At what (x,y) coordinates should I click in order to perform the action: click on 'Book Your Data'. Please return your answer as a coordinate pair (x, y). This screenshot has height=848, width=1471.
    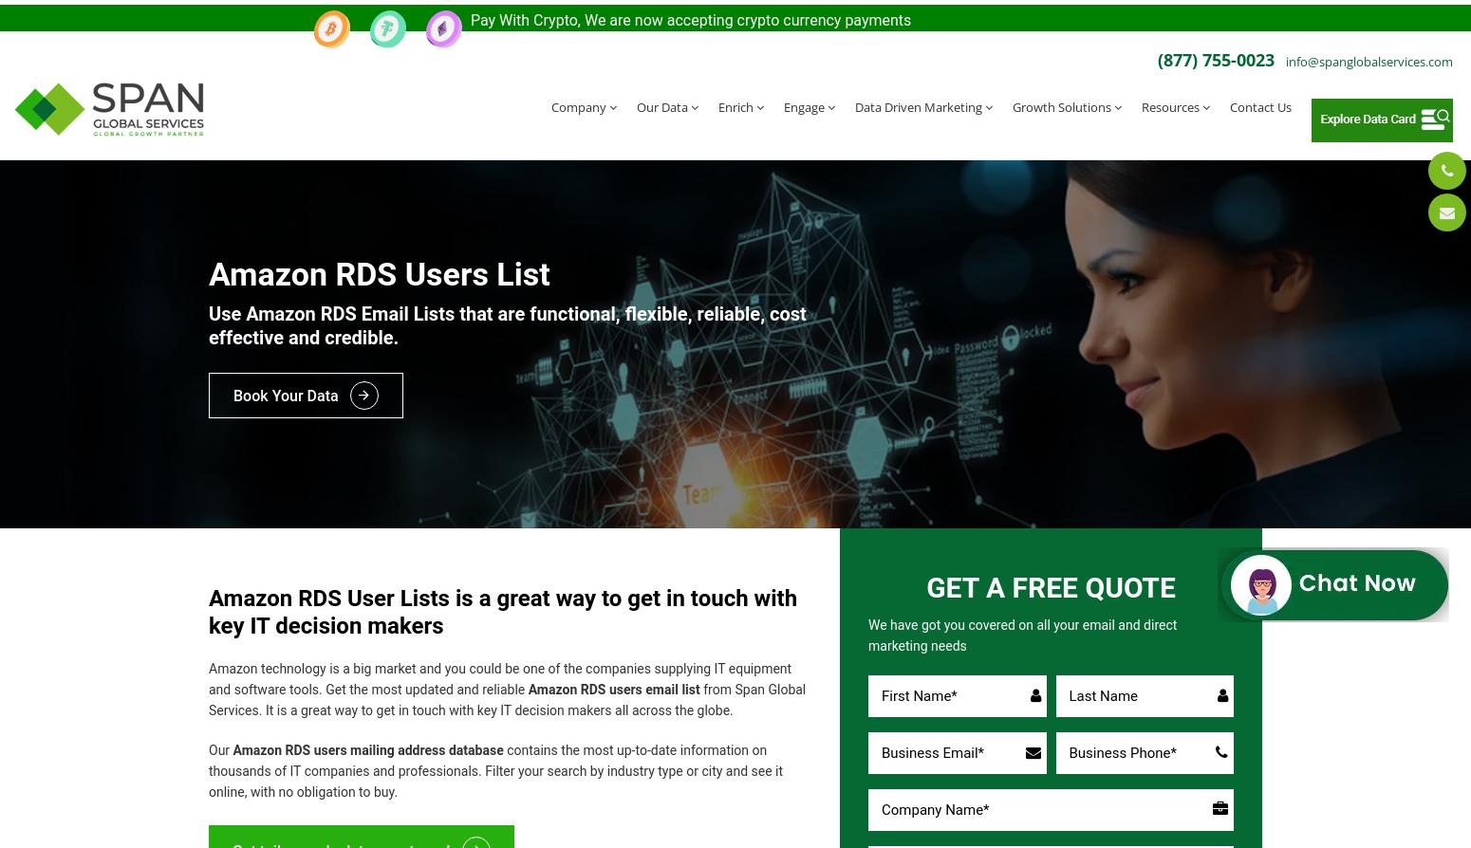
    Looking at the image, I should click on (291, 384).